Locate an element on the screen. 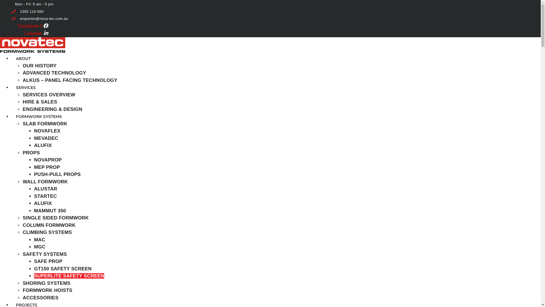 The width and height of the screenshot is (545, 307). 'ABOUT' is located at coordinates (23, 58).